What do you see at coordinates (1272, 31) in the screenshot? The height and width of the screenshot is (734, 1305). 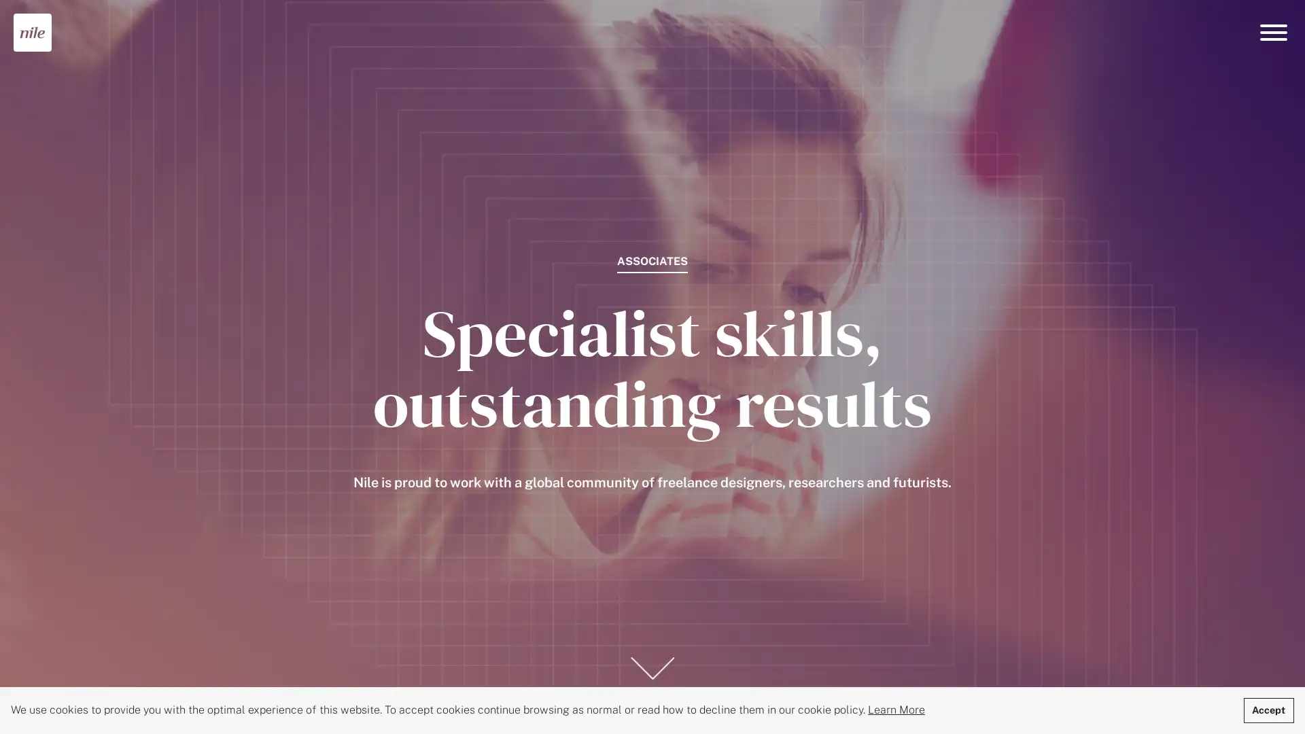 I see `Menu` at bounding box center [1272, 31].